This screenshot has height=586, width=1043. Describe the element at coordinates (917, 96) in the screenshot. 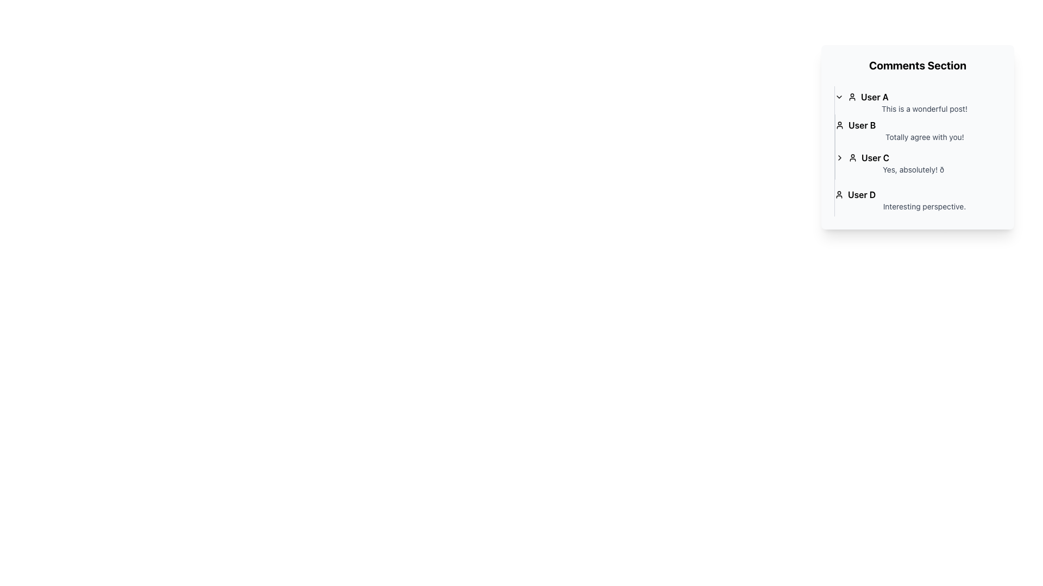

I see `the User Identifier Section for 'User A' to highlight it` at that location.